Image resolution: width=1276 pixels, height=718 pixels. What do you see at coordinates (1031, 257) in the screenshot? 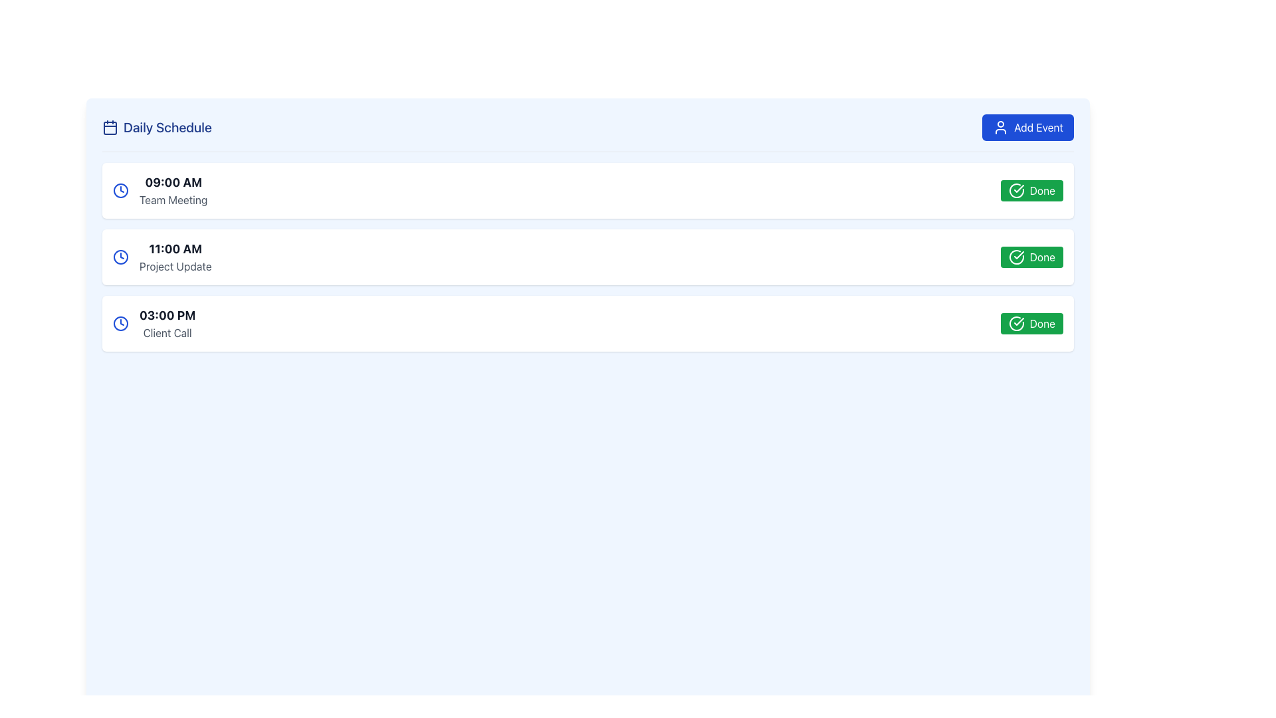
I see `the button that marks the task as completed for the '11:00 AM Project Update' in the Daily Schedule interface` at bounding box center [1031, 257].